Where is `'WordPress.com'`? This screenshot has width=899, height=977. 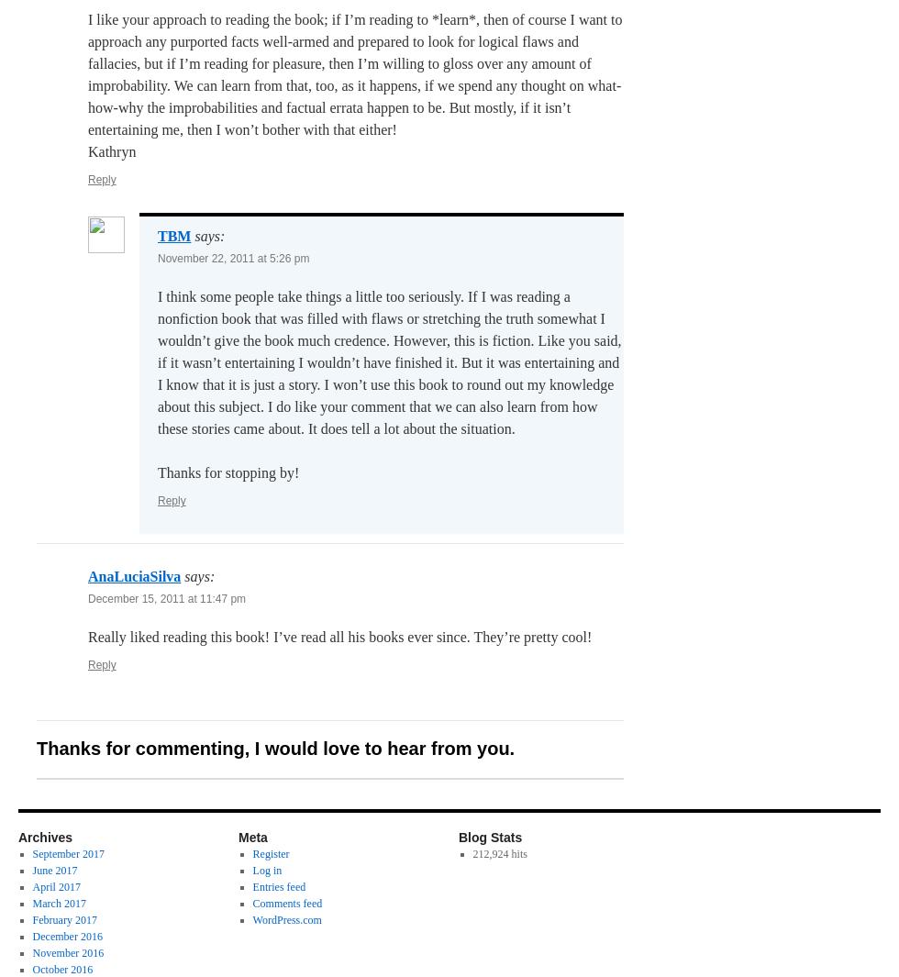
'WordPress.com' is located at coordinates (286, 920).